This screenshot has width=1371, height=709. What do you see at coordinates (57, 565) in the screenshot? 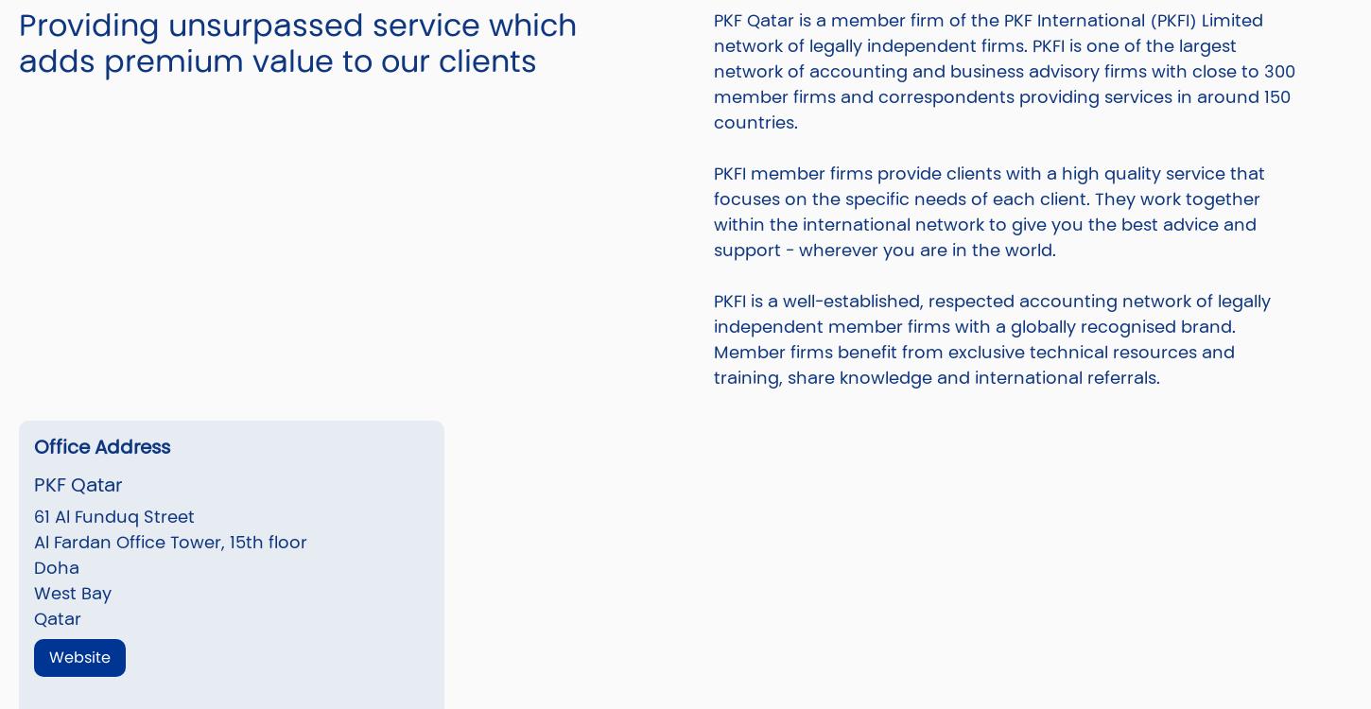
I see `'Doha'` at bounding box center [57, 565].